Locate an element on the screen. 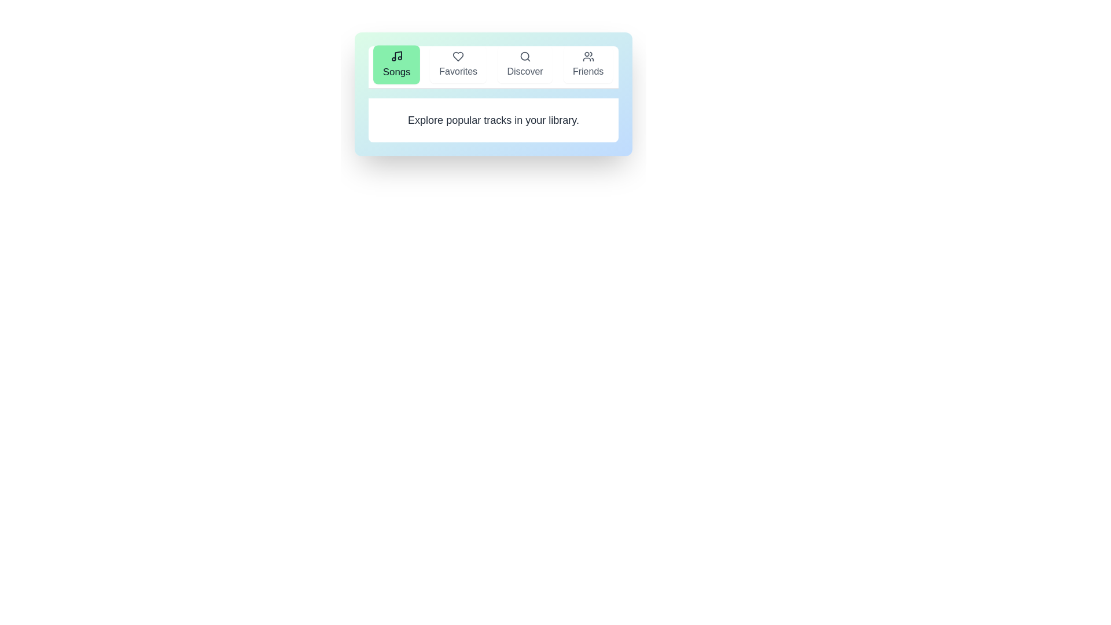 This screenshot has height=625, width=1111. the tab labeled Discover to view its specific content is located at coordinates (524, 64).